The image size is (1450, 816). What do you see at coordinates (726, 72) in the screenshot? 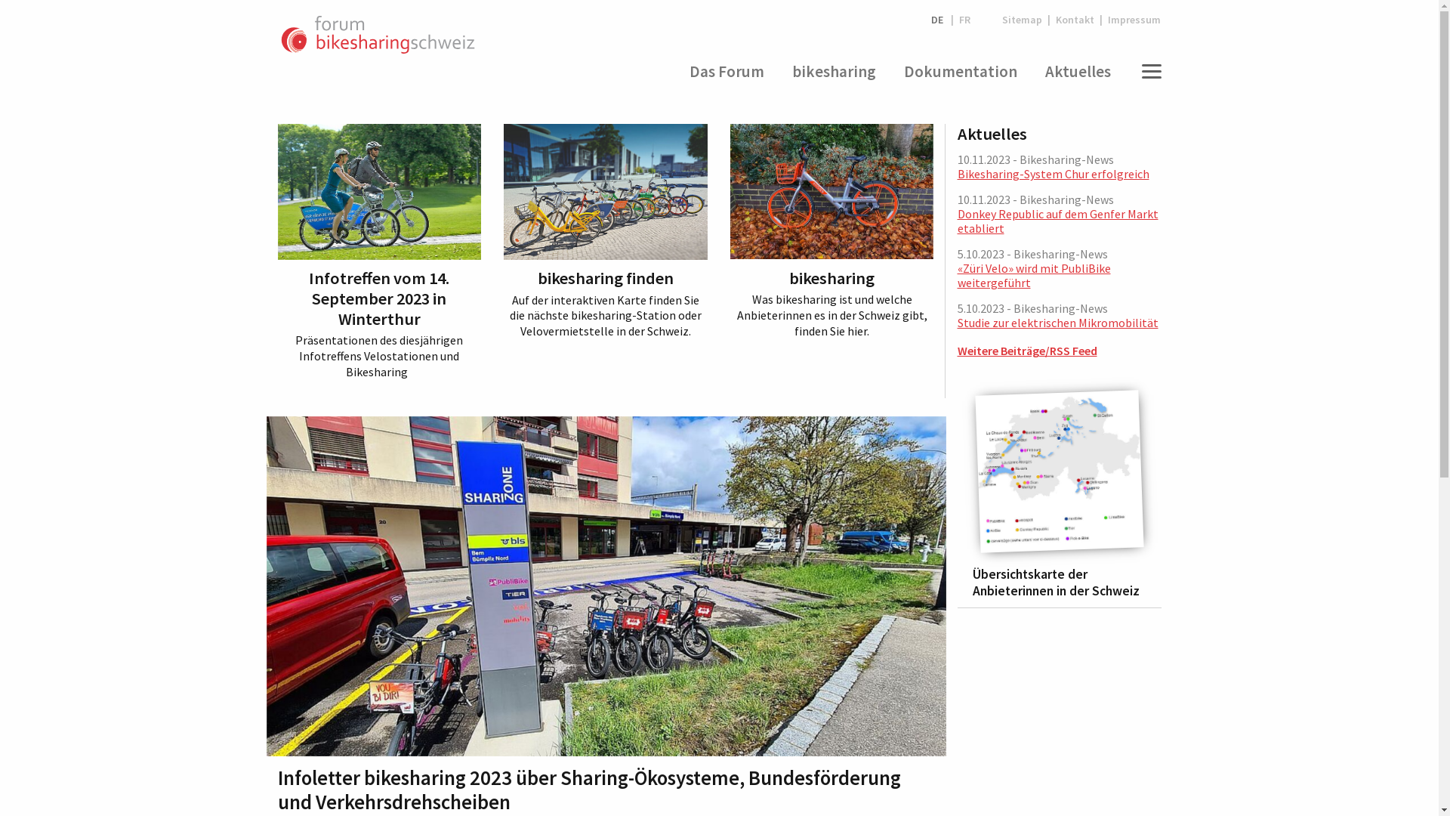
I see `'Das Forum'` at bounding box center [726, 72].